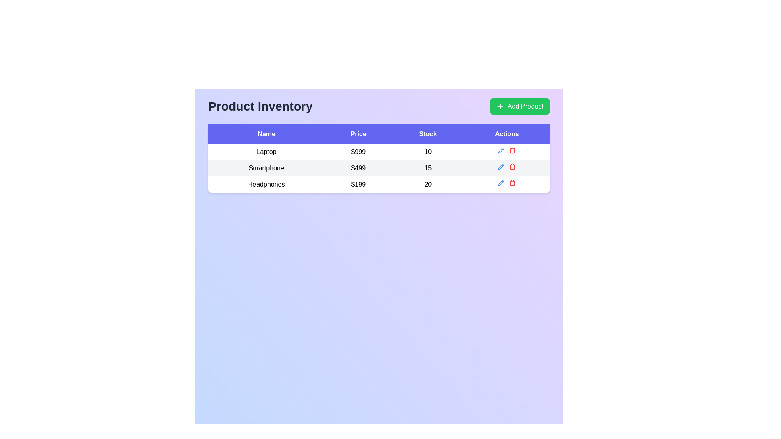 This screenshot has height=439, width=781. Describe the element at coordinates (501, 166) in the screenshot. I see `the blue pencil-shaped icon representing the edit button in the 'Actions' column for the product 'Smartphone'` at that location.